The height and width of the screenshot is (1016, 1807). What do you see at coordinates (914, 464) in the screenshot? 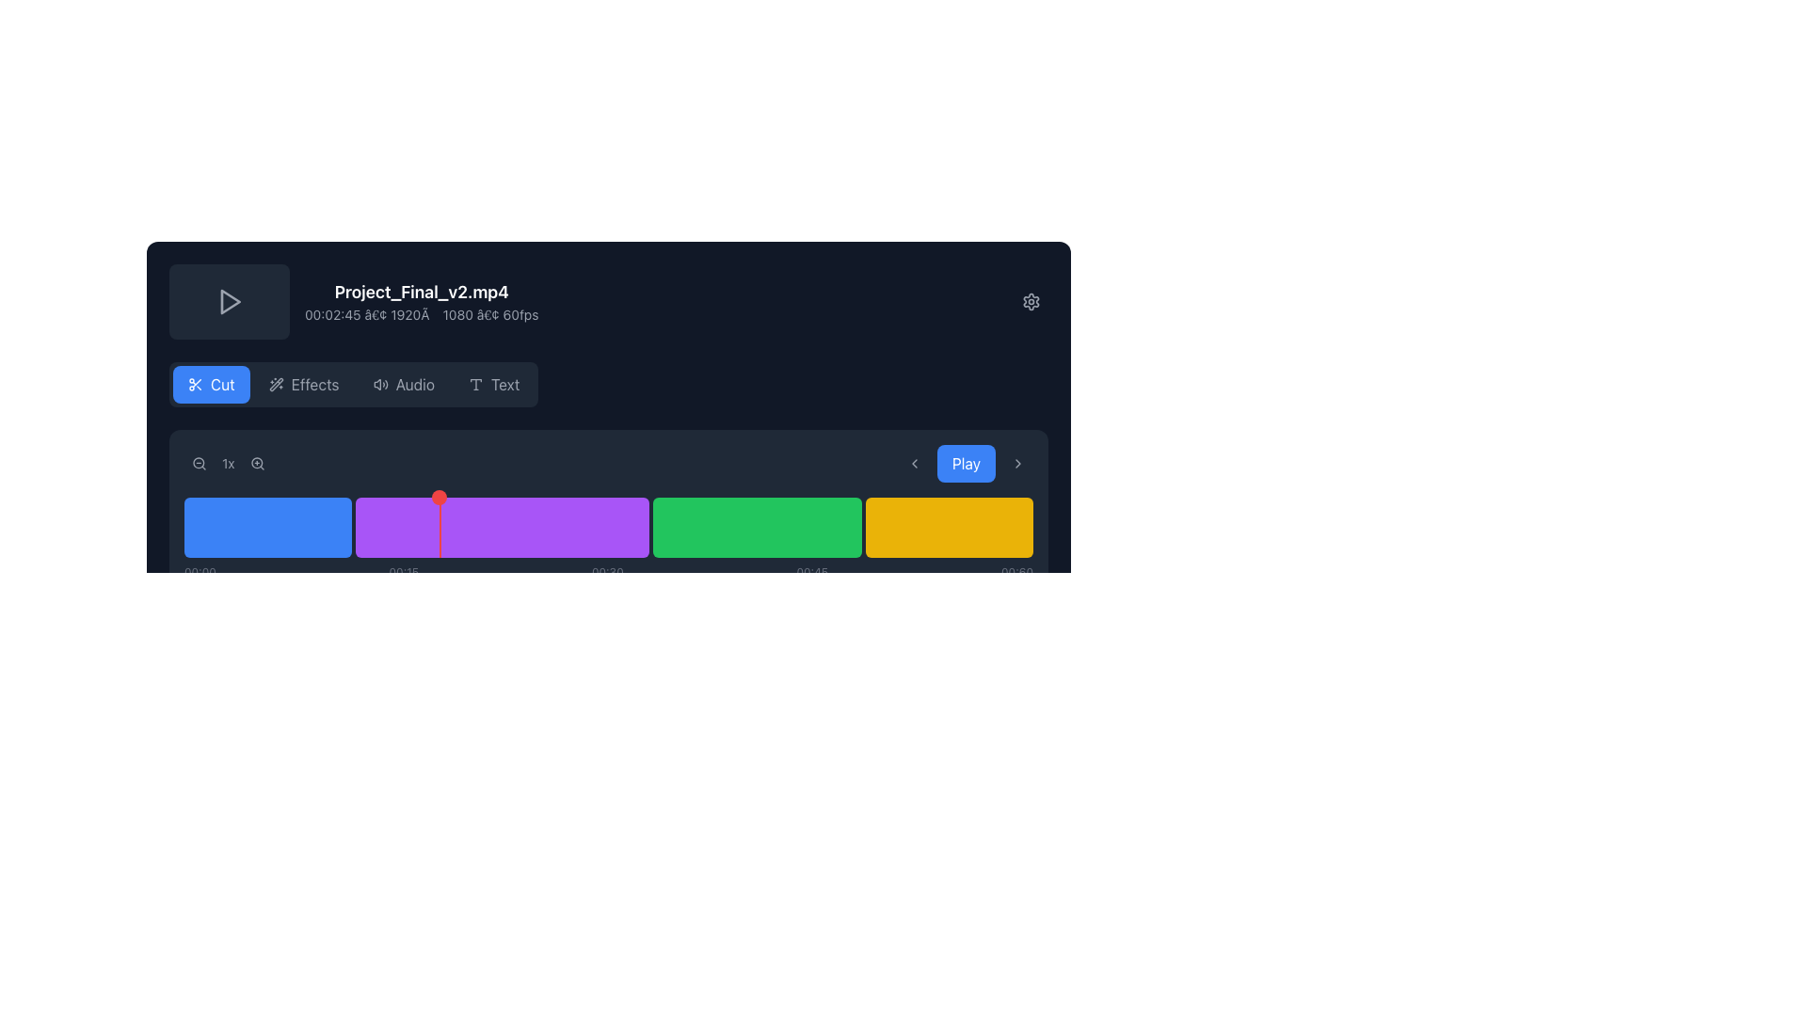
I see `the left-facing chevron icon within the button` at bounding box center [914, 464].